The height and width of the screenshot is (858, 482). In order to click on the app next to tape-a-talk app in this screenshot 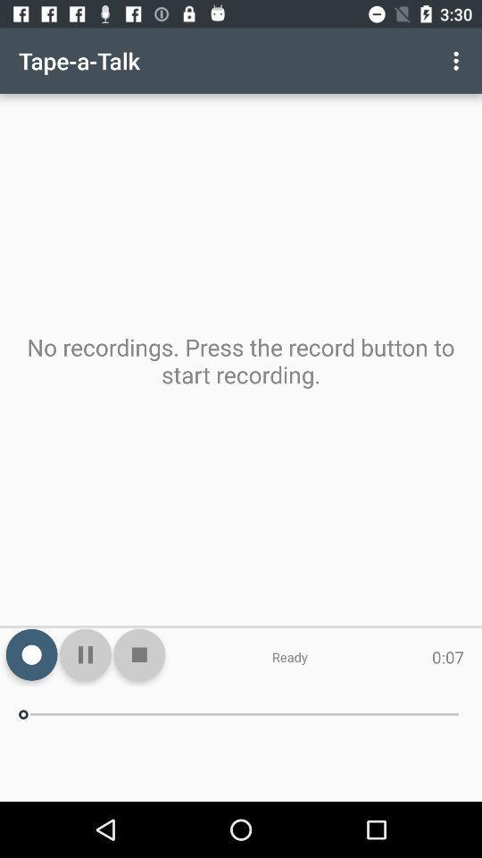, I will do `click(458, 61)`.